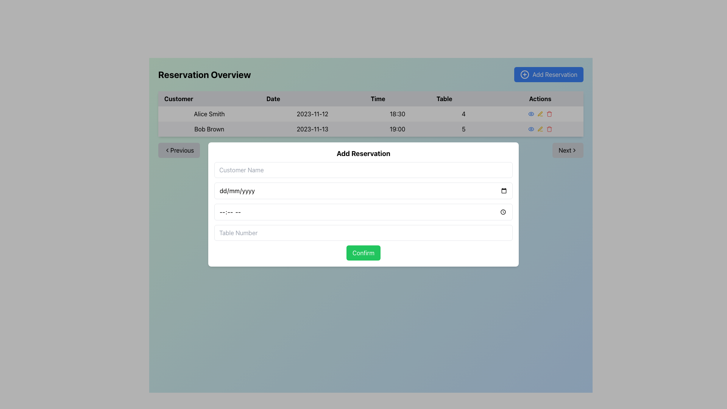 The width and height of the screenshot is (727, 409). What do you see at coordinates (530, 128) in the screenshot?
I see `the eye icon located in the 'Actions' column next to the row containing 'Bob Brown'` at bounding box center [530, 128].